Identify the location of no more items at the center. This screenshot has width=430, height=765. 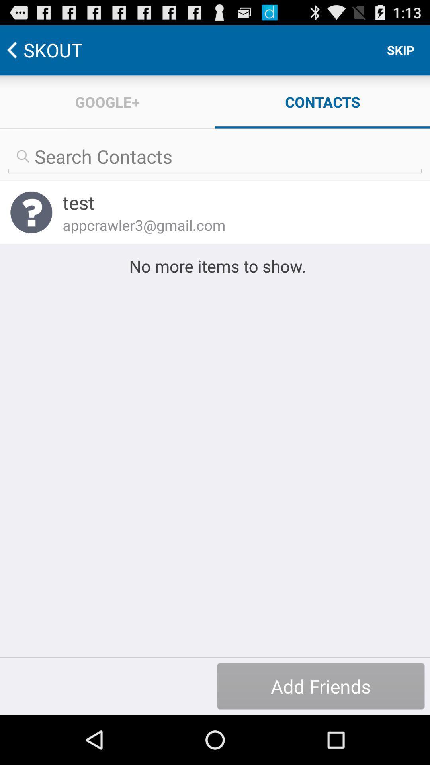
(215, 266).